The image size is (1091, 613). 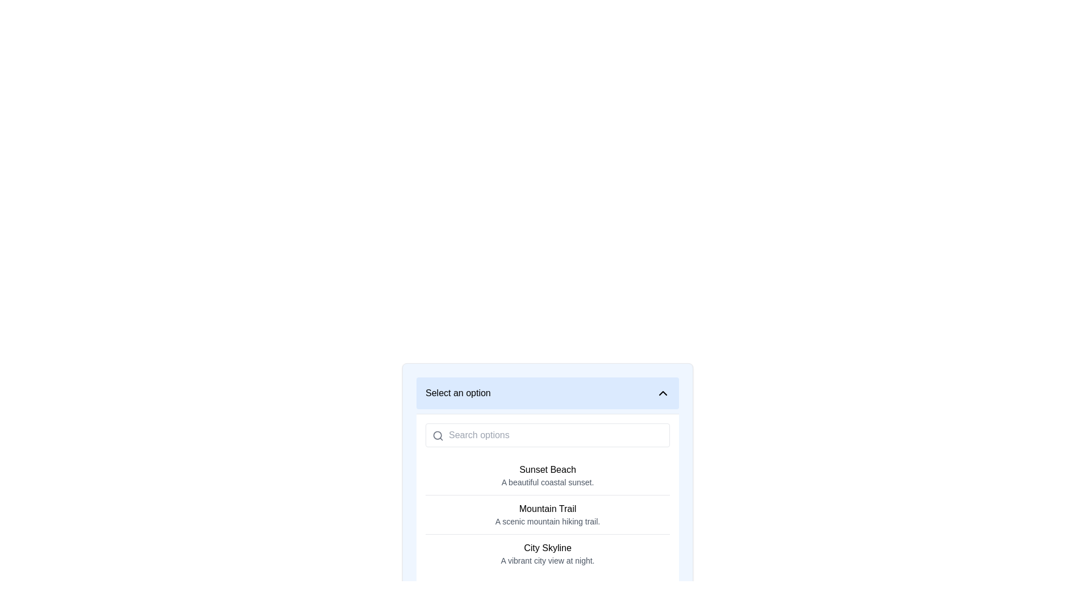 I want to click on the list item titled 'Sunset Beach' for keyboard navigation, so click(x=548, y=475).